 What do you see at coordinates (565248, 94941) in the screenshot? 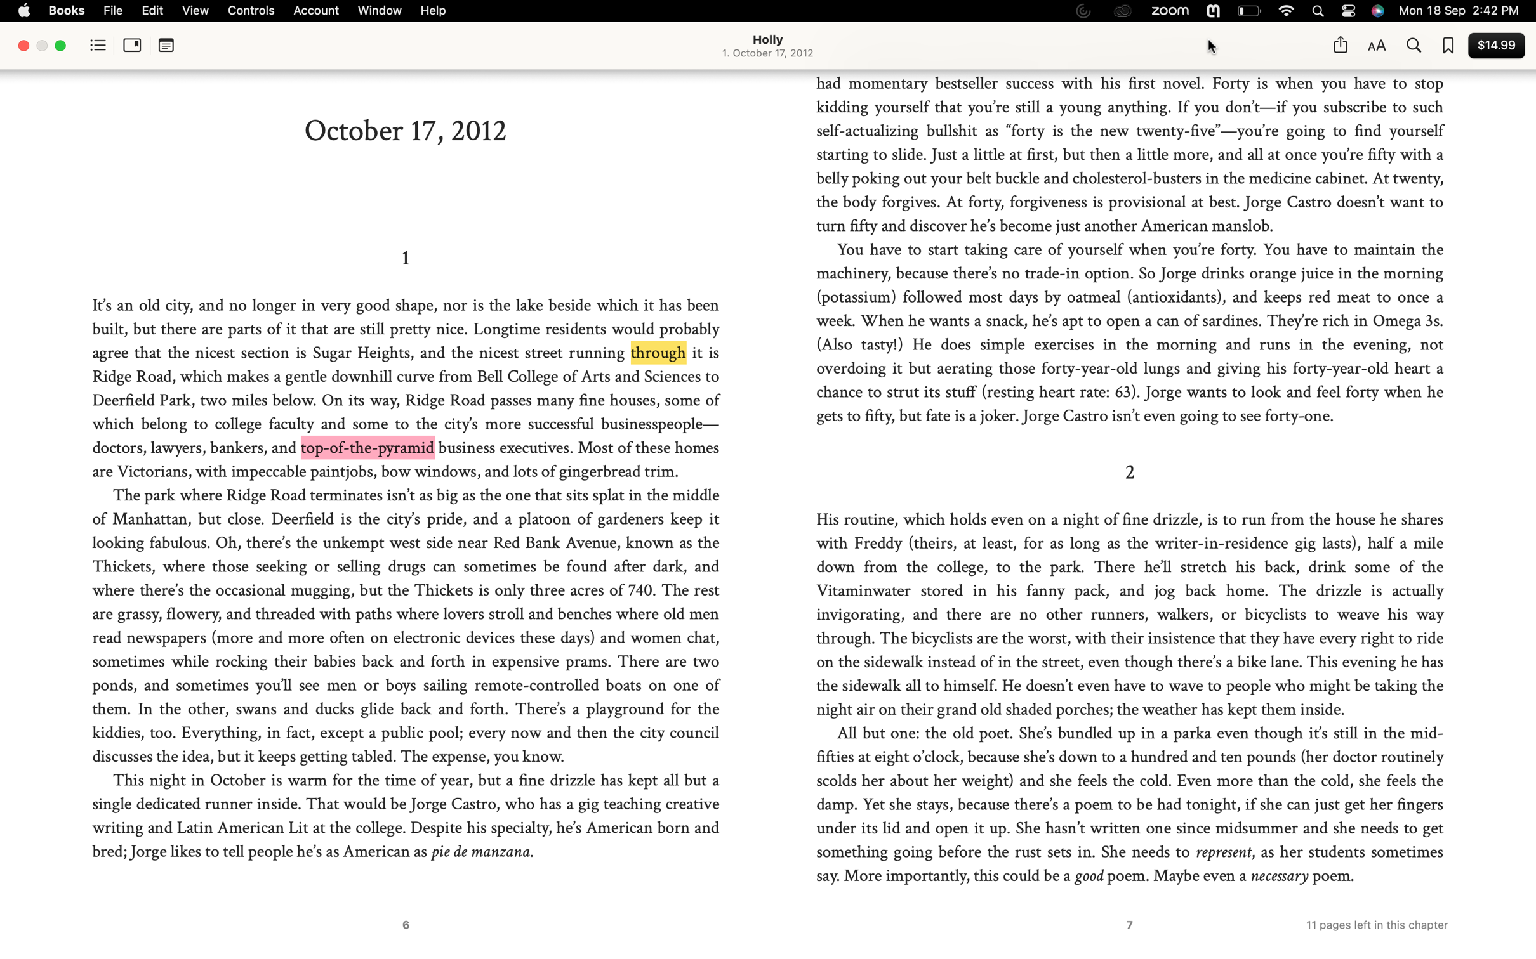
I see `Move the cursor to the "see_notes" section on screen` at bounding box center [565248, 94941].